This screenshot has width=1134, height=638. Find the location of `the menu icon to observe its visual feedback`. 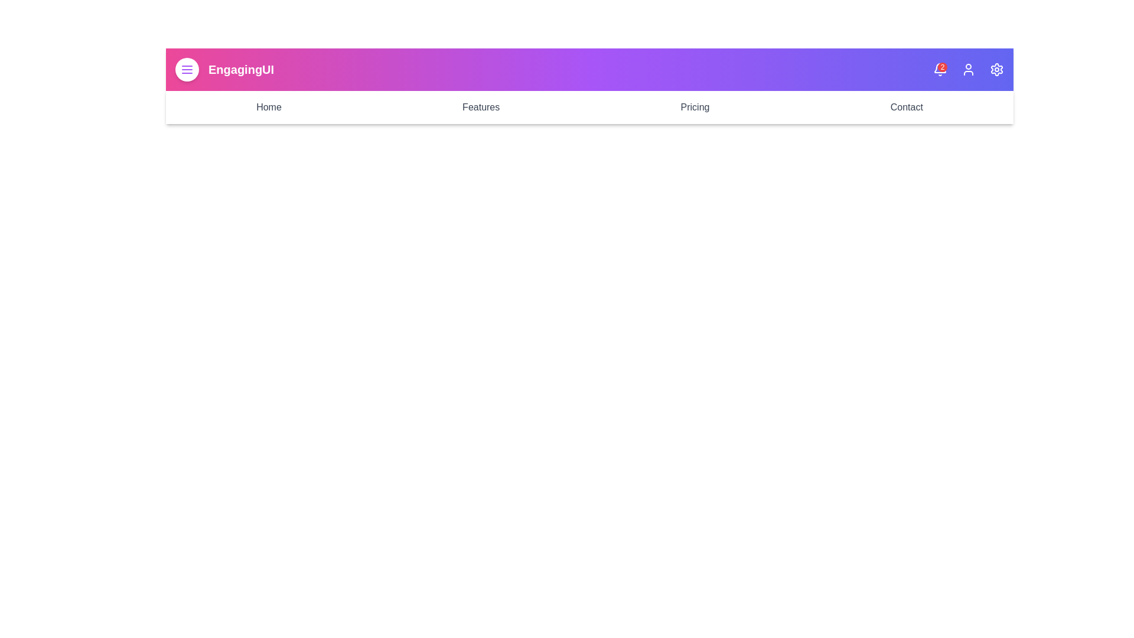

the menu icon to observe its visual feedback is located at coordinates (186, 70).